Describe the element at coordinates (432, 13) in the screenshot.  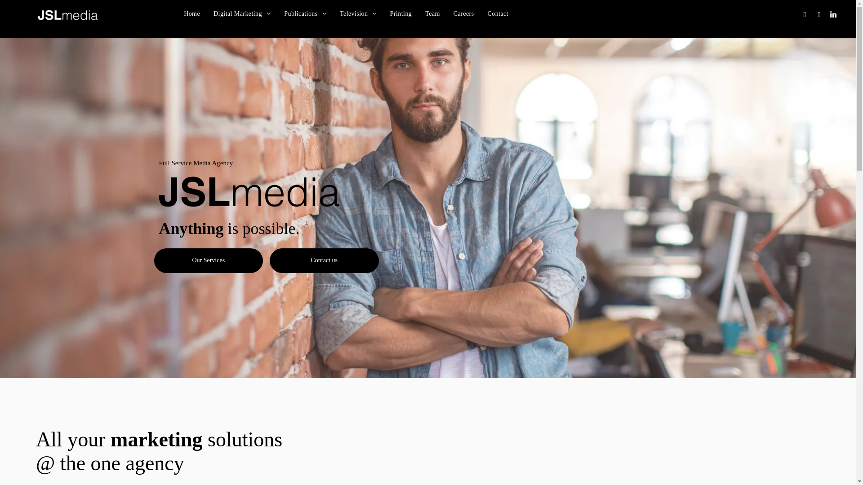
I see `'Team'` at that location.